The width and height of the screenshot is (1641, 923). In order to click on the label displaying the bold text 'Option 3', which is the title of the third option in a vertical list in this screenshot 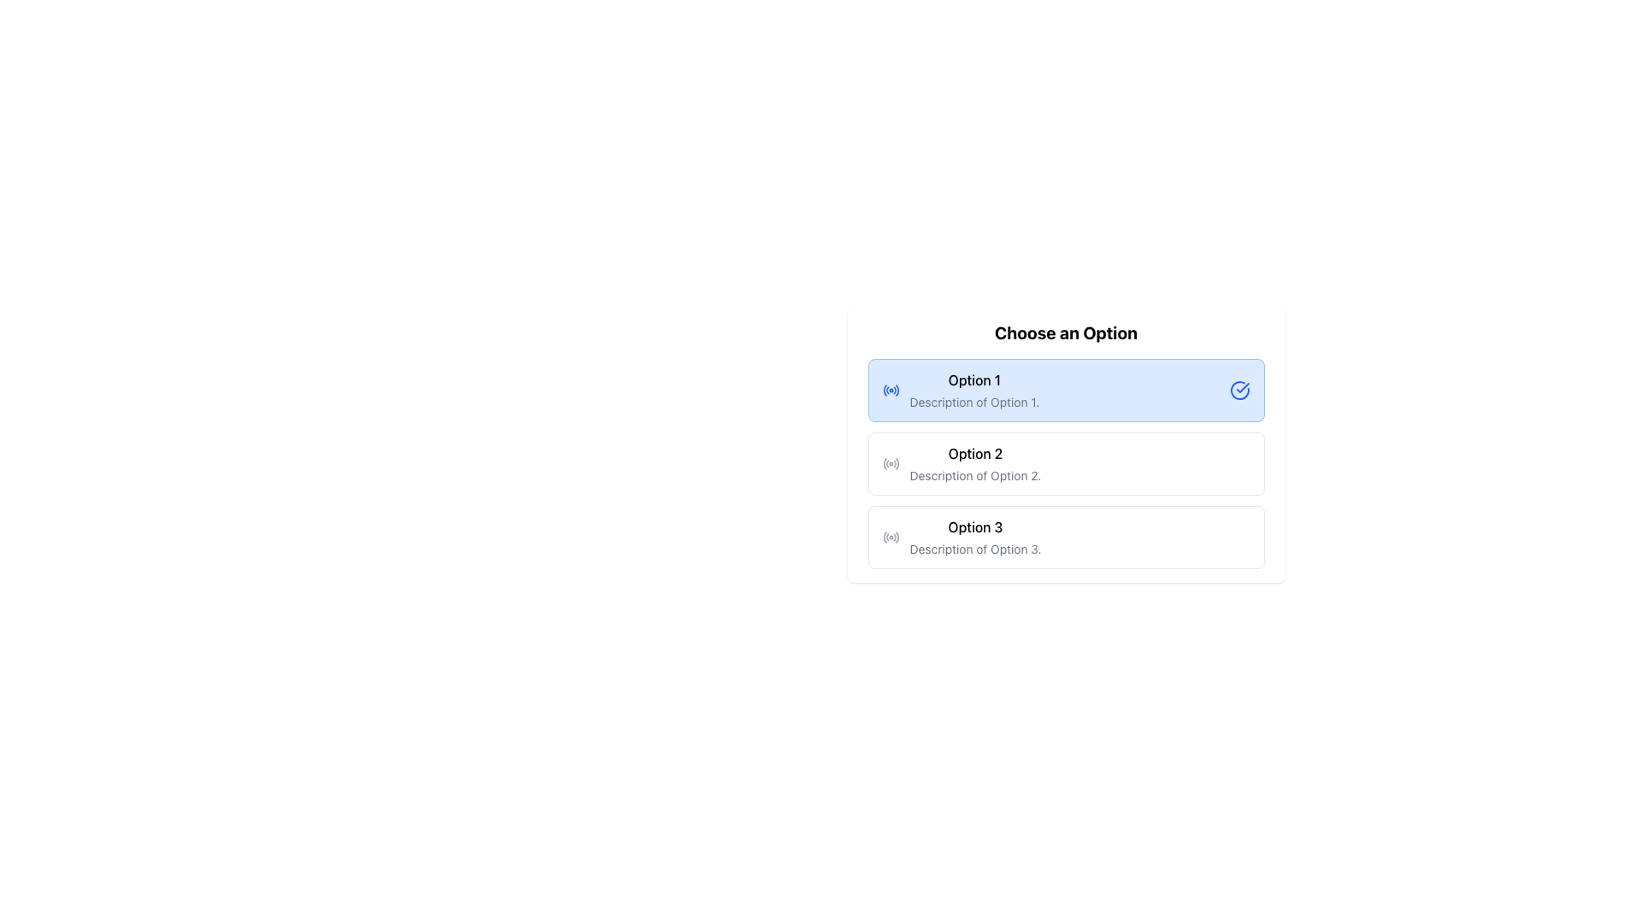, I will do `click(975, 526)`.